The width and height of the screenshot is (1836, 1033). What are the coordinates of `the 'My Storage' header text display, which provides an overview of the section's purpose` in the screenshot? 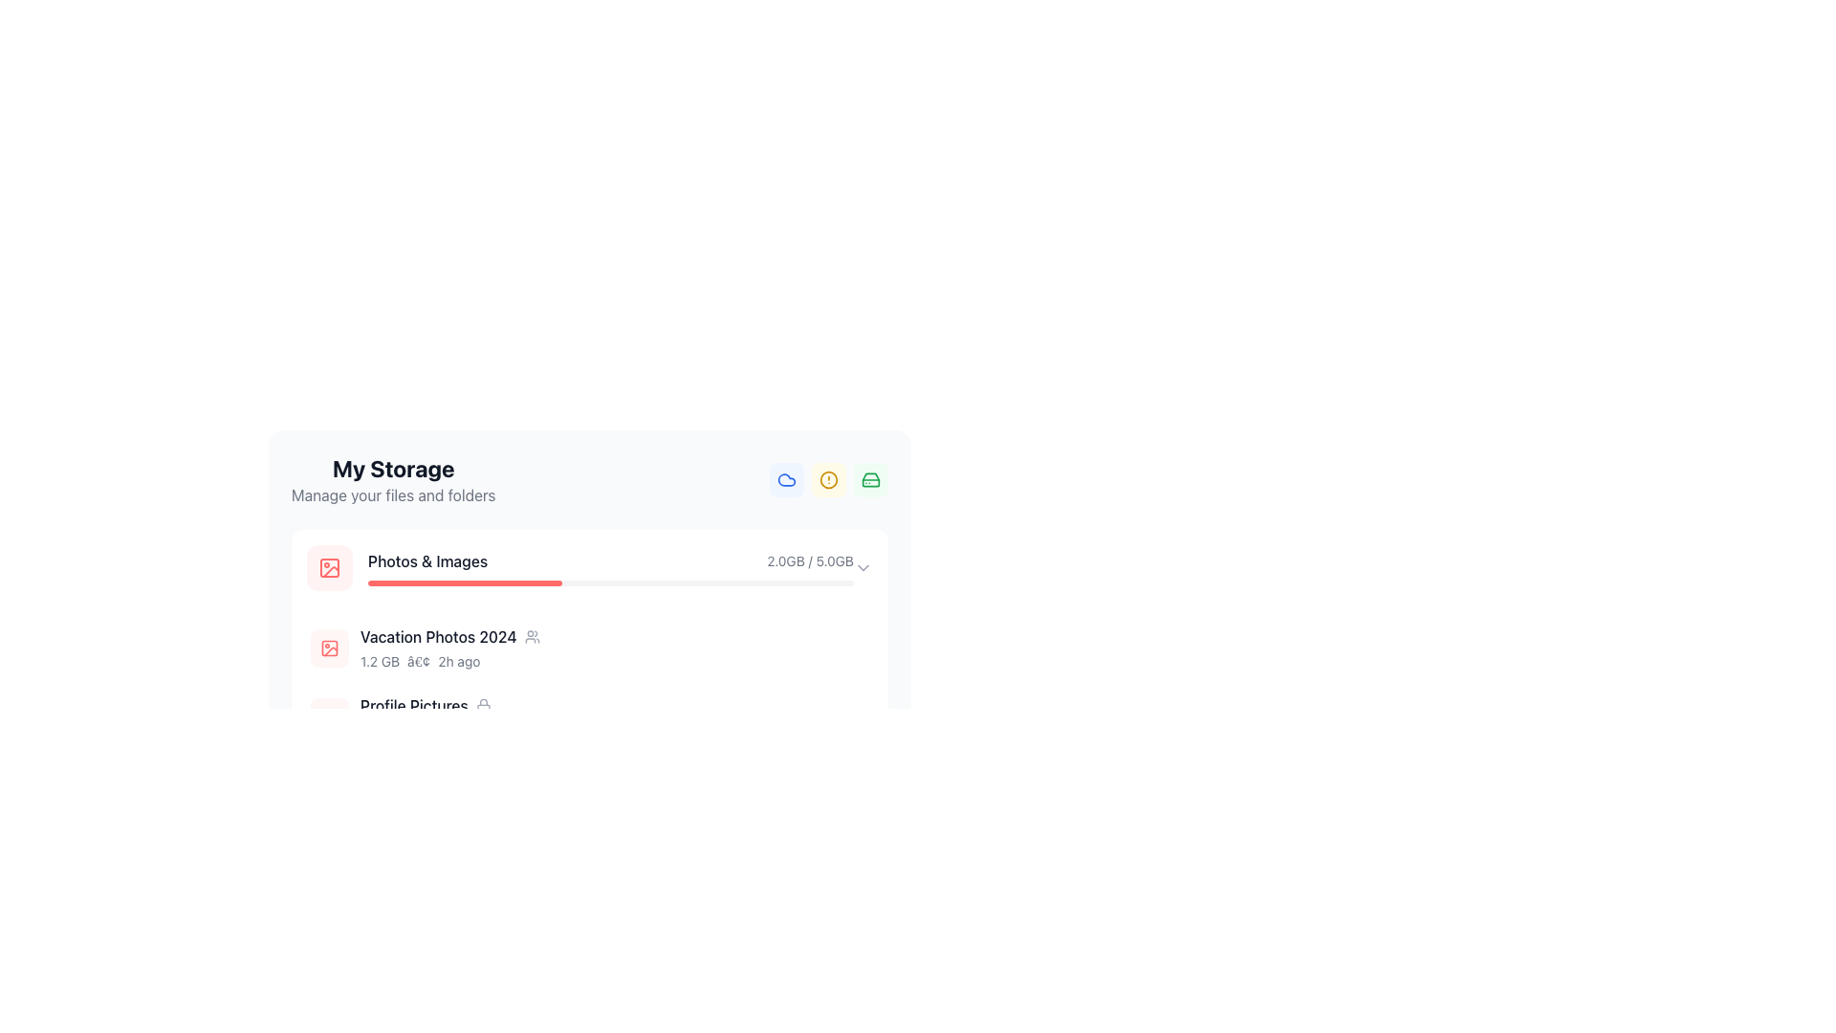 It's located at (392, 478).